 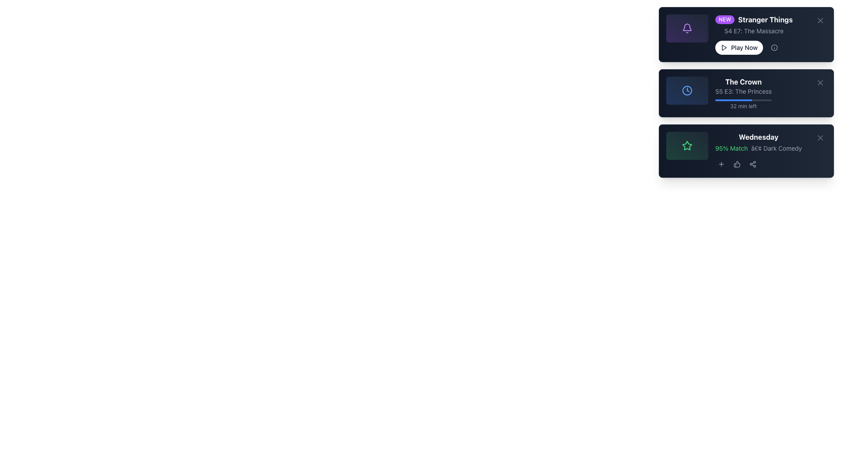 I want to click on descriptive information from the text label located below the title 'Wednesday' in the panel, which includes match percentage and genre categorization, so click(x=734, y=150).